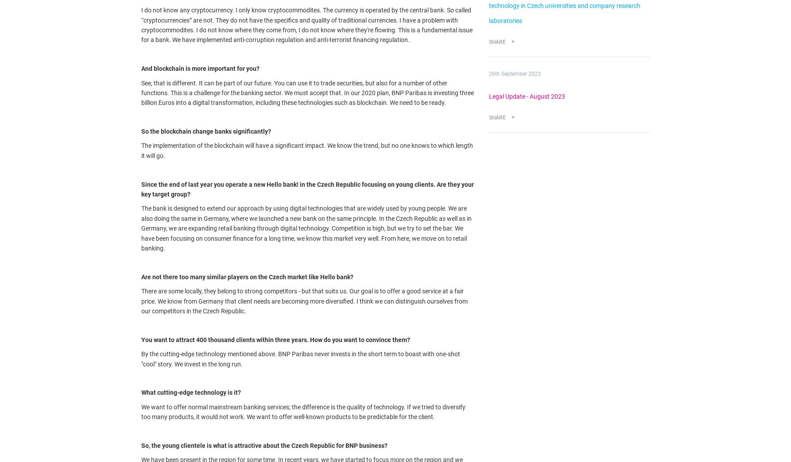  What do you see at coordinates (247, 277) in the screenshot?
I see `'Are not there too many similar players on the Czech market like Hello bank?'` at bounding box center [247, 277].